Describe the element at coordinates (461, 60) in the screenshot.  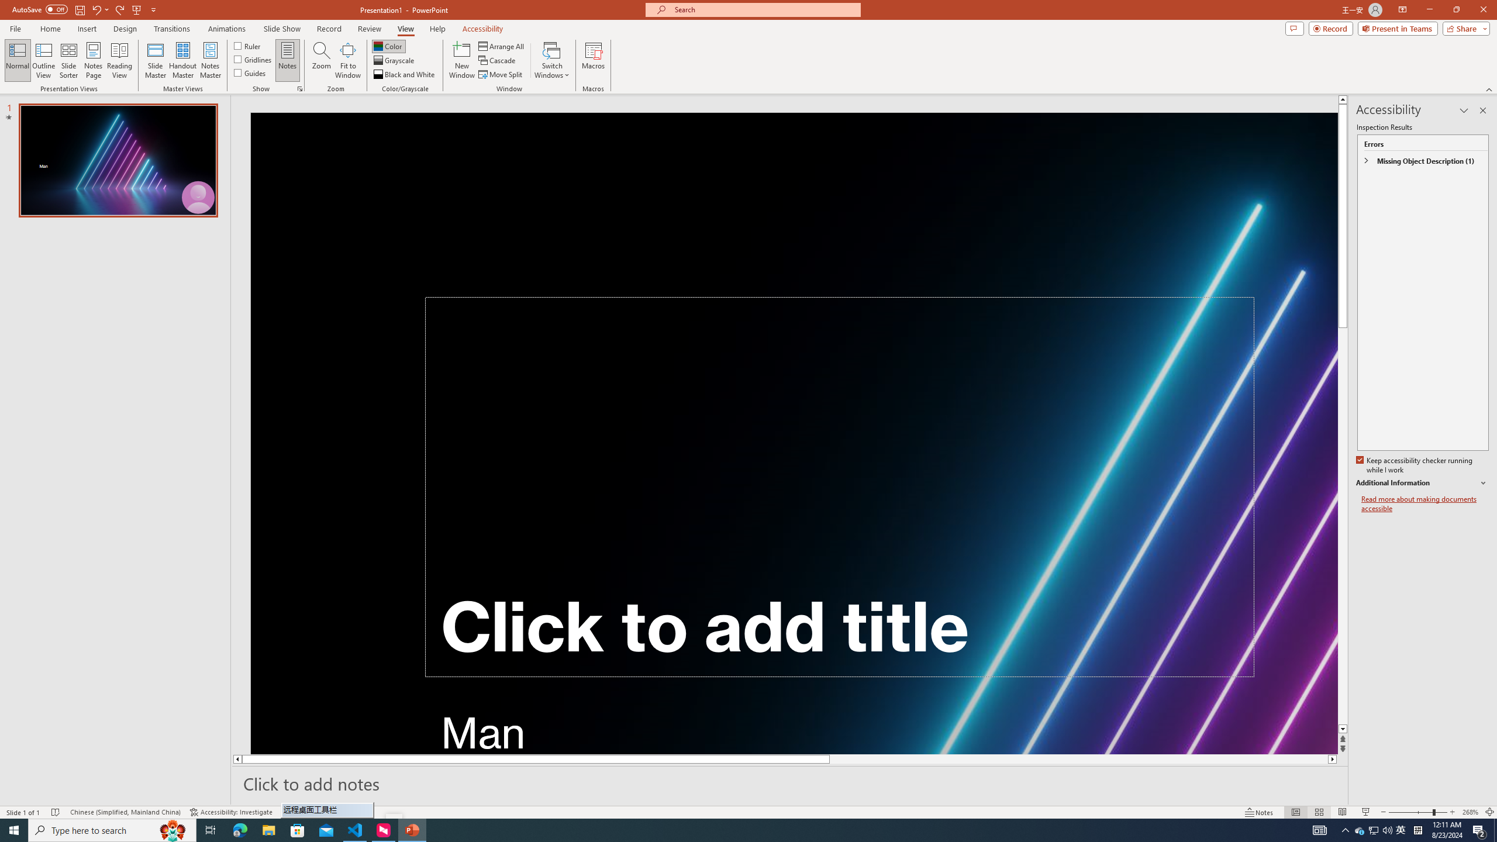
I see `'New Window'` at that location.